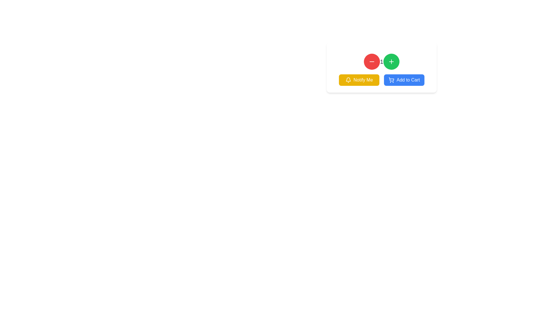 This screenshot has width=551, height=310. What do you see at coordinates (372, 62) in the screenshot?
I see `the circular red button with a white hyphen icon to decrease a value` at bounding box center [372, 62].